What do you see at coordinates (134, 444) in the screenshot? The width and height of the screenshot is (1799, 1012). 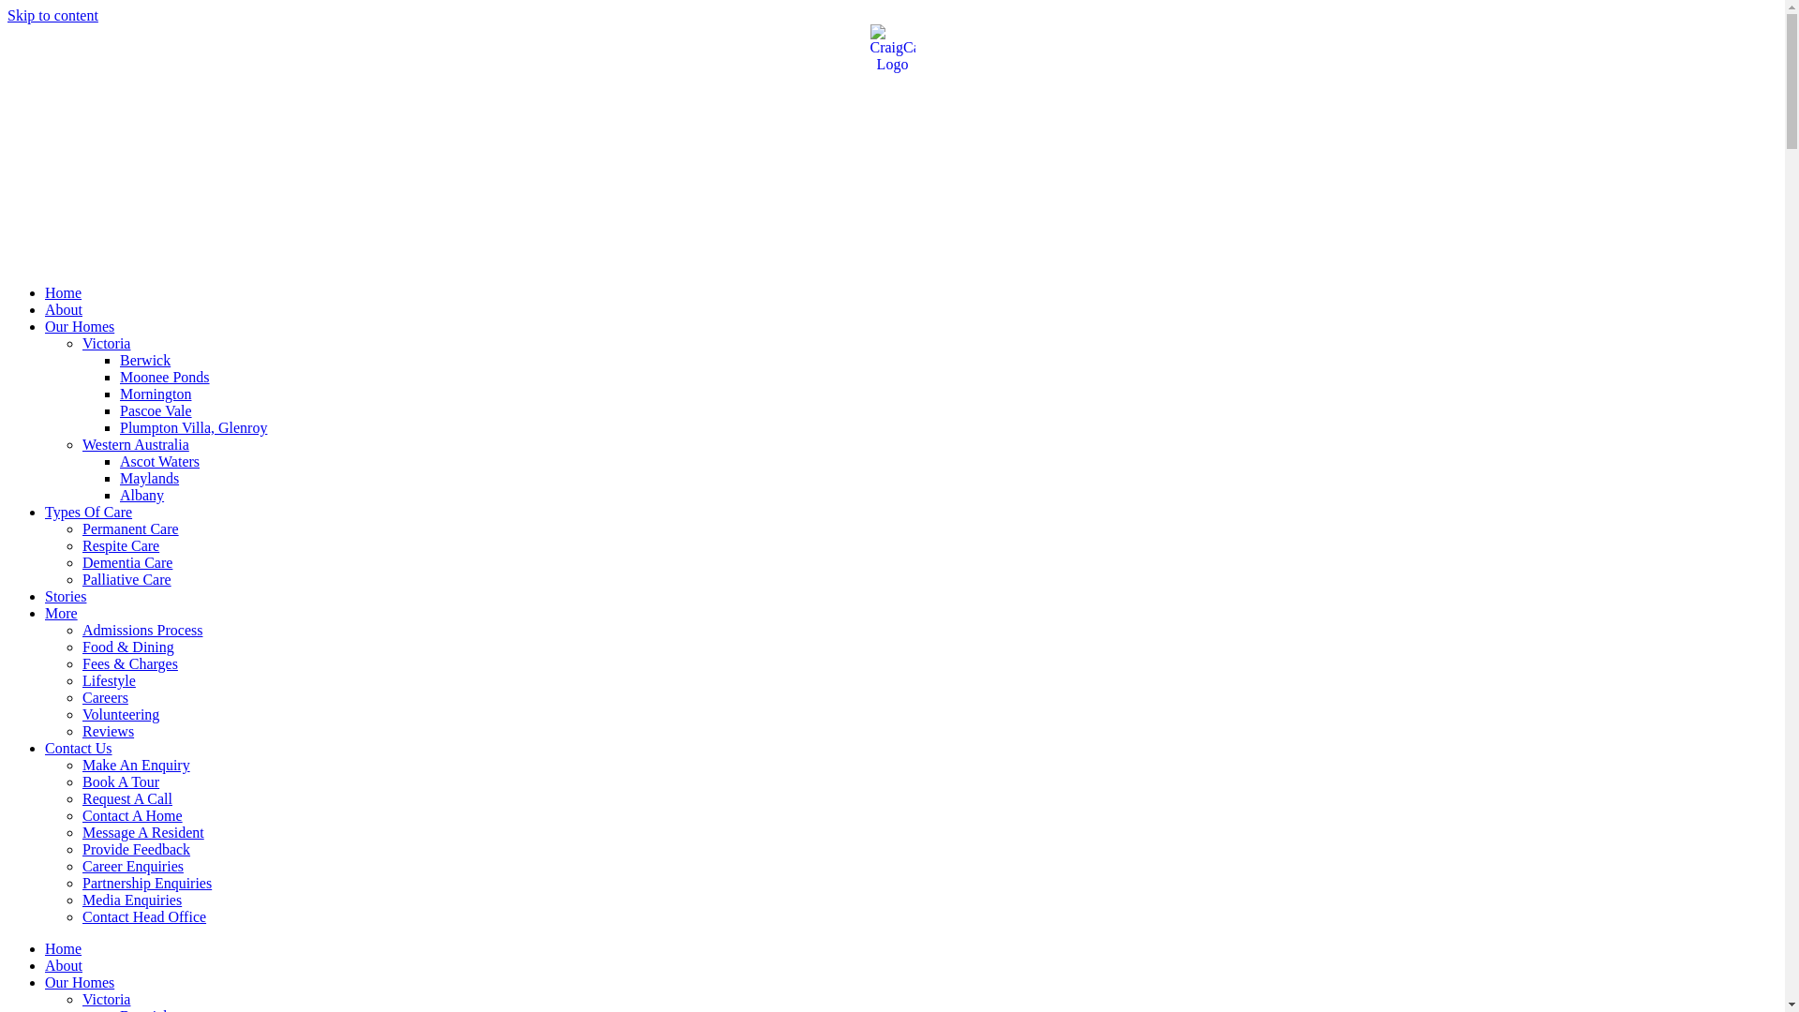 I see `'Western Australia'` at bounding box center [134, 444].